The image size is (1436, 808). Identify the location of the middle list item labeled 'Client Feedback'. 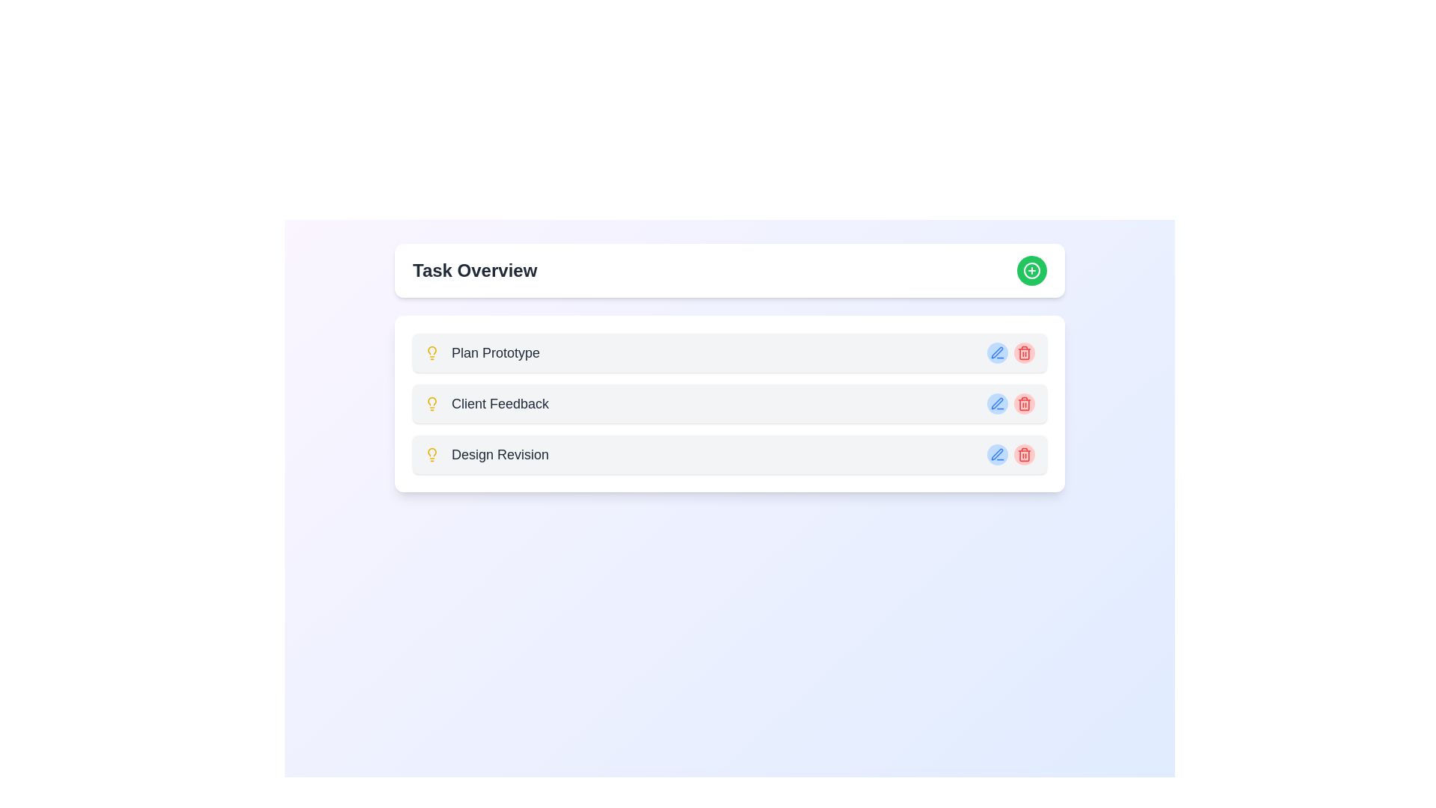
(729, 404).